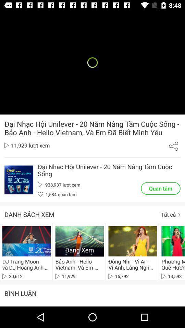 Image resolution: width=185 pixels, height=328 pixels. What do you see at coordinates (19, 180) in the screenshot?
I see `the image on left to the love icon on the web page` at bounding box center [19, 180].